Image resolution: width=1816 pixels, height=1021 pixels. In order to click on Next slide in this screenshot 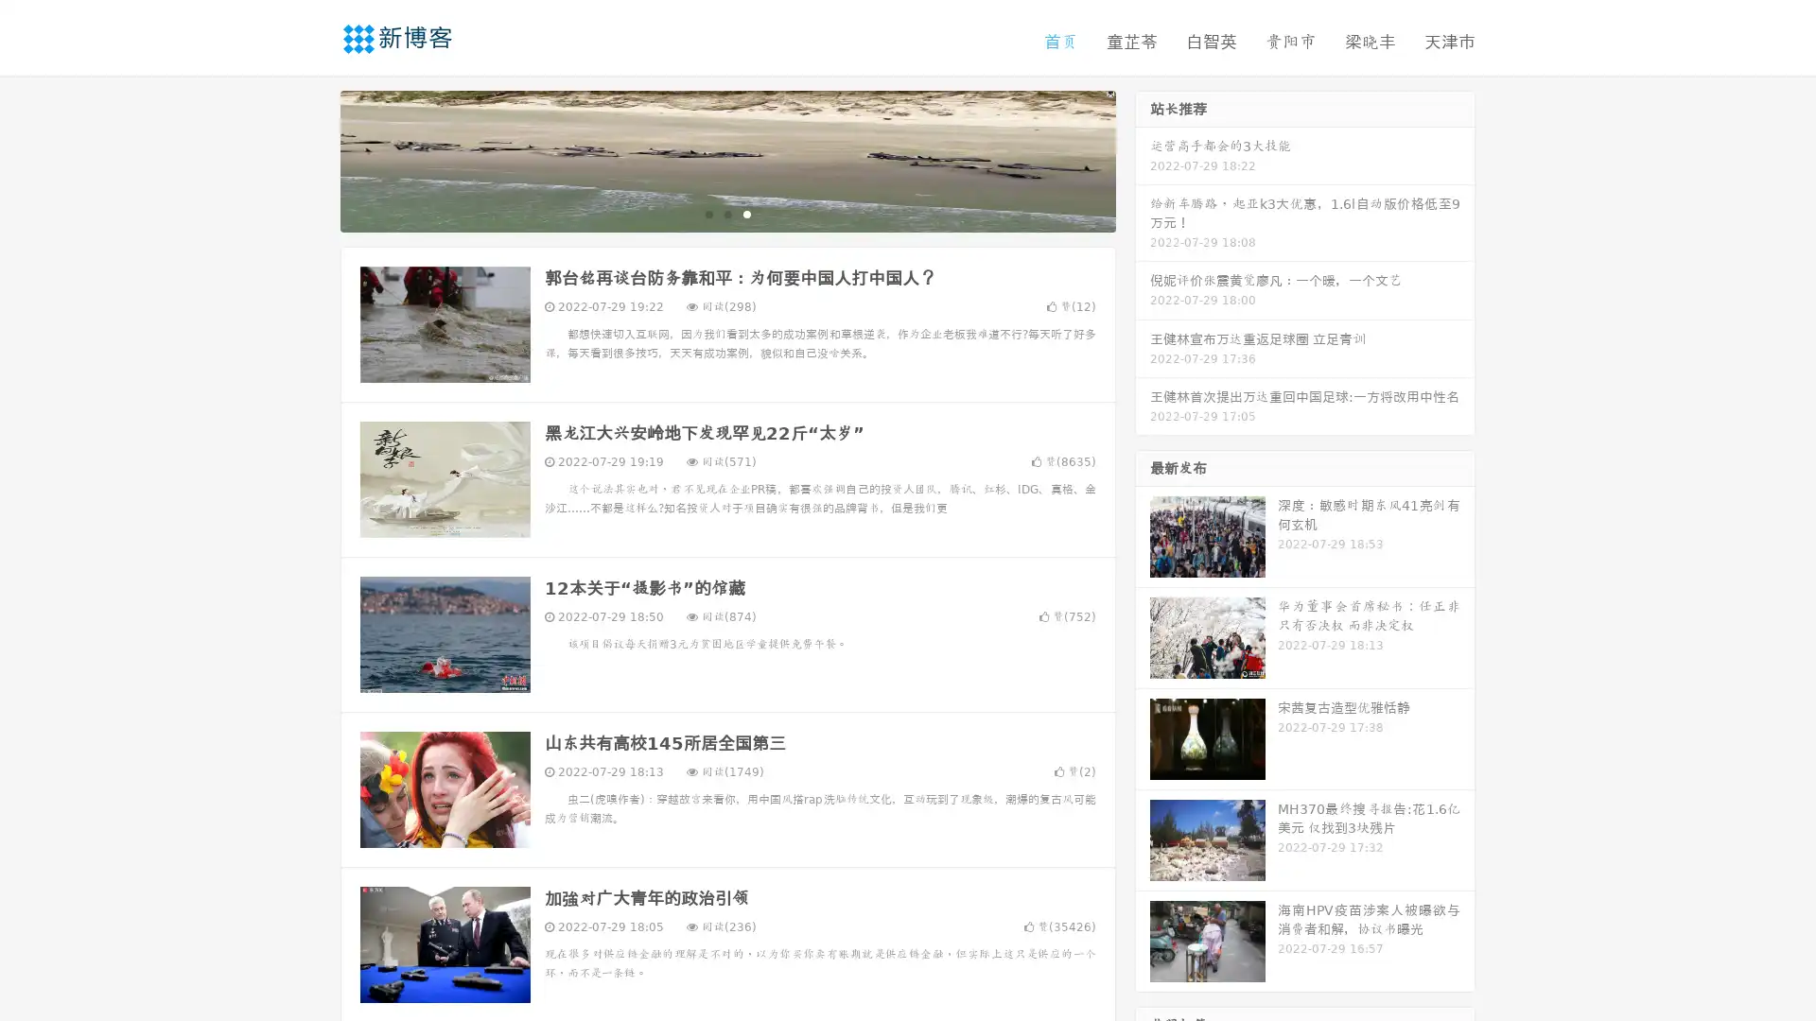, I will do `click(1143, 159)`.